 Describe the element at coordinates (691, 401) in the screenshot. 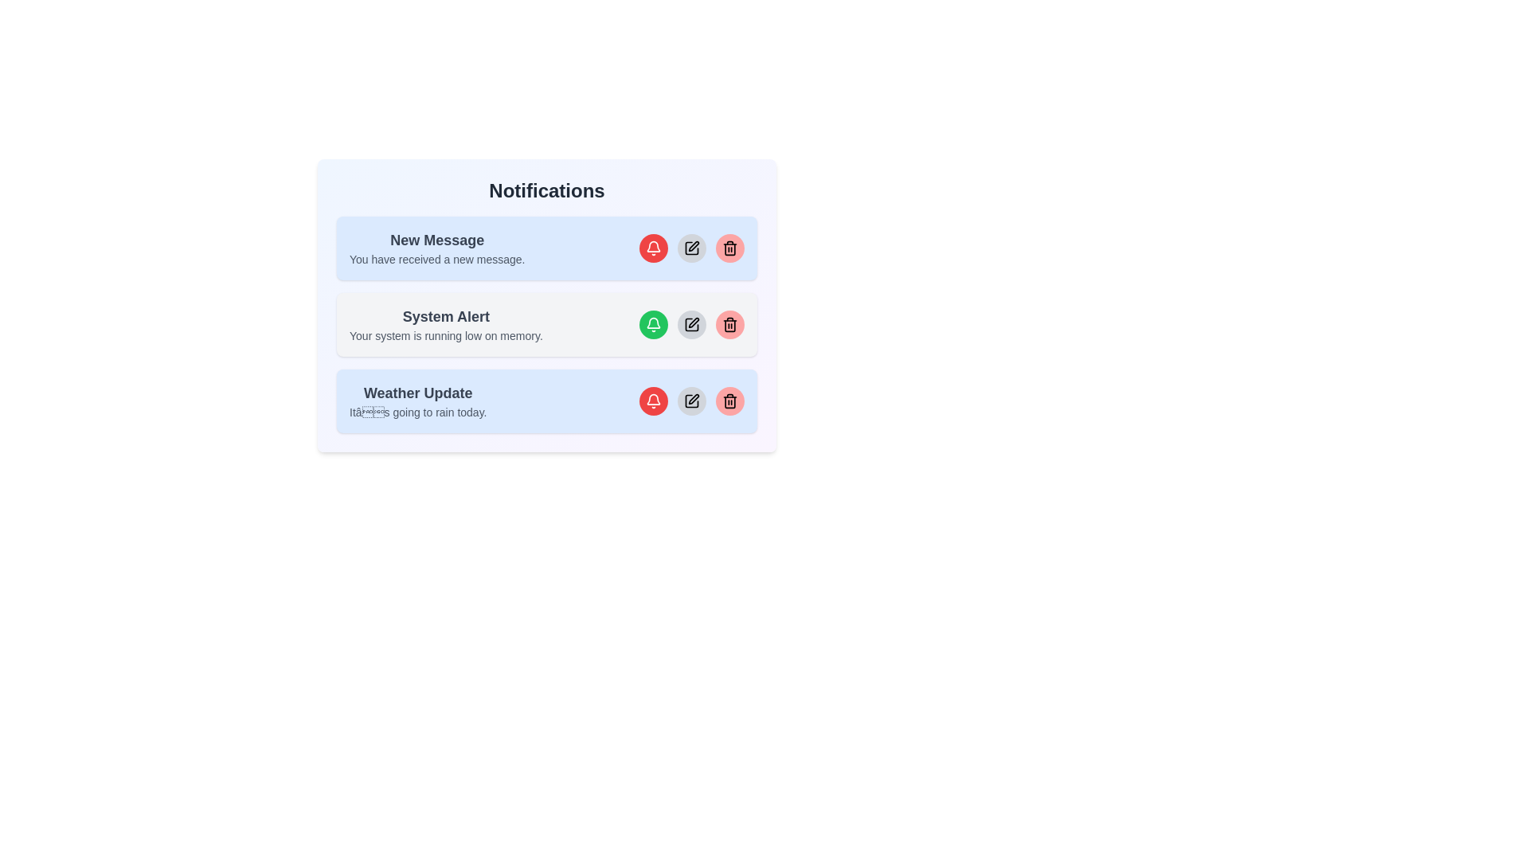

I see `the edit button for the notification titled 'Weather Update'` at that location.